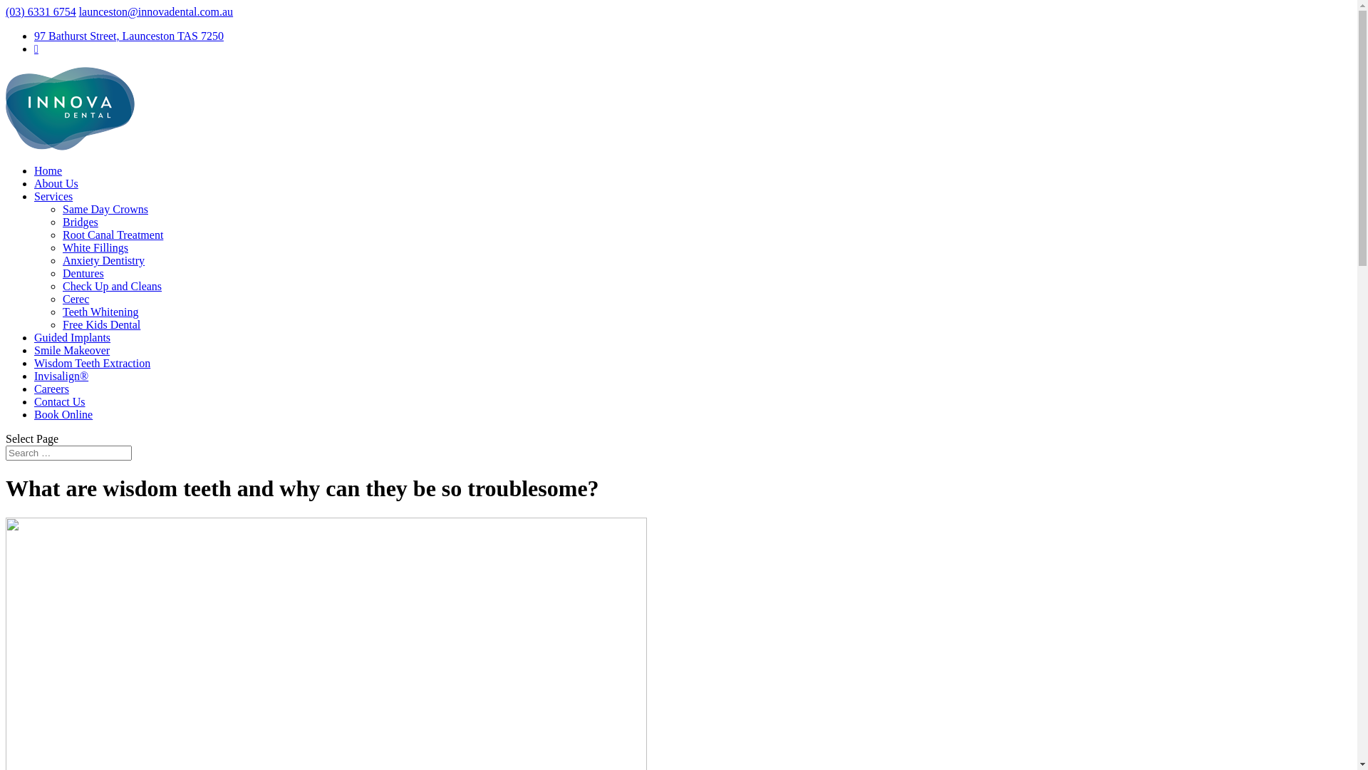 Image resolution: width=1368 pixels, height=770 pixels. Describe the element at coordinates (41, 11) in the screenshot. I see `'(03) 6331 6754'` at that location.